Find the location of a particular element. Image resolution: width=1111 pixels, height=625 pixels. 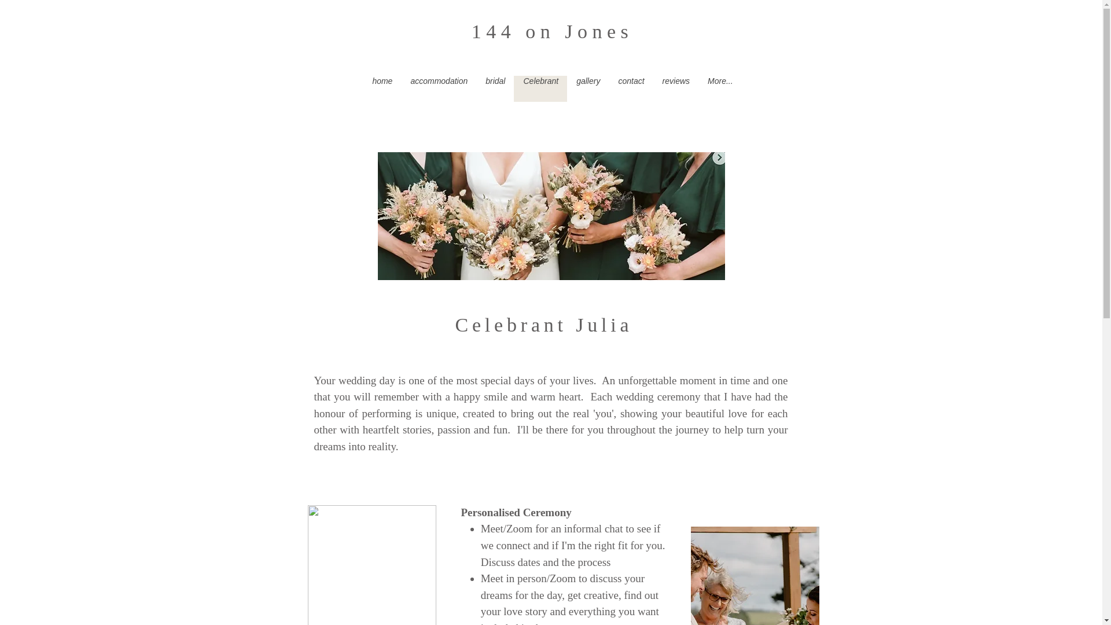

'144 on Jones' is located at coordinates (552, 31).